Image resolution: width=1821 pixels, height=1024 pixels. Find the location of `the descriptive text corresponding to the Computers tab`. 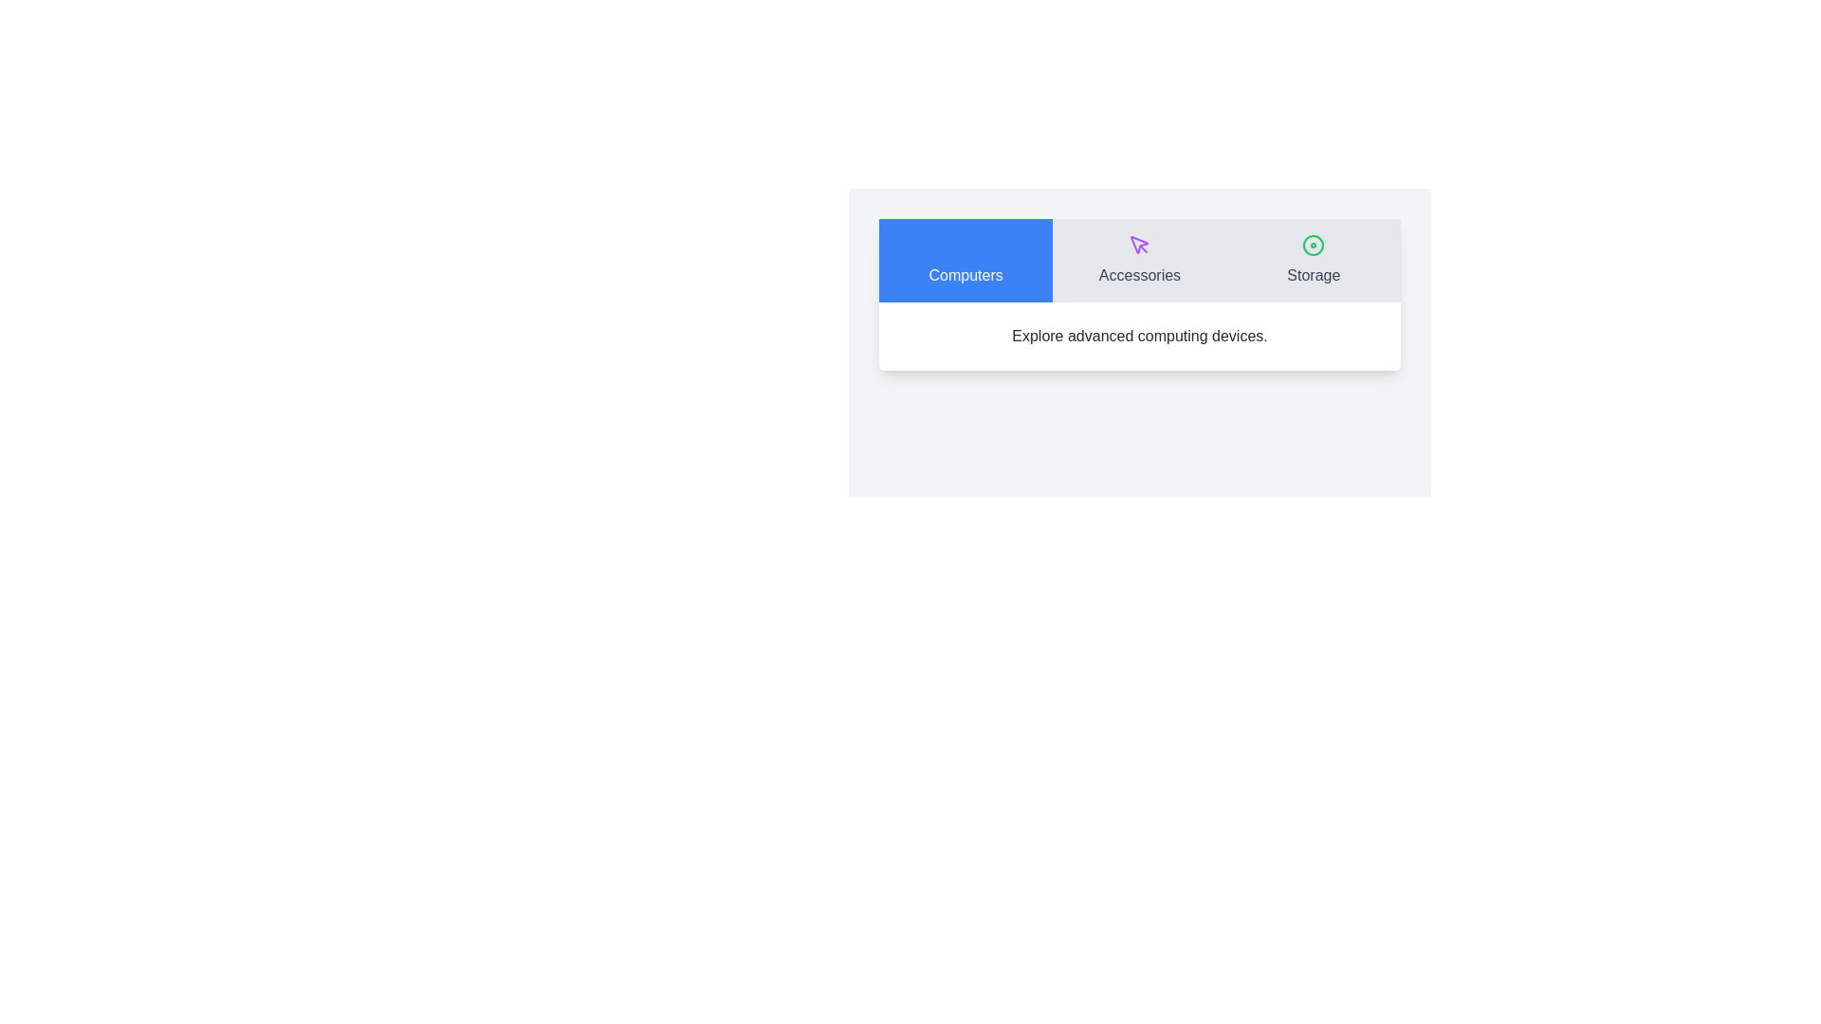

the descriptive text corresponding to the Computers tab is located at coordinates (877, 302).